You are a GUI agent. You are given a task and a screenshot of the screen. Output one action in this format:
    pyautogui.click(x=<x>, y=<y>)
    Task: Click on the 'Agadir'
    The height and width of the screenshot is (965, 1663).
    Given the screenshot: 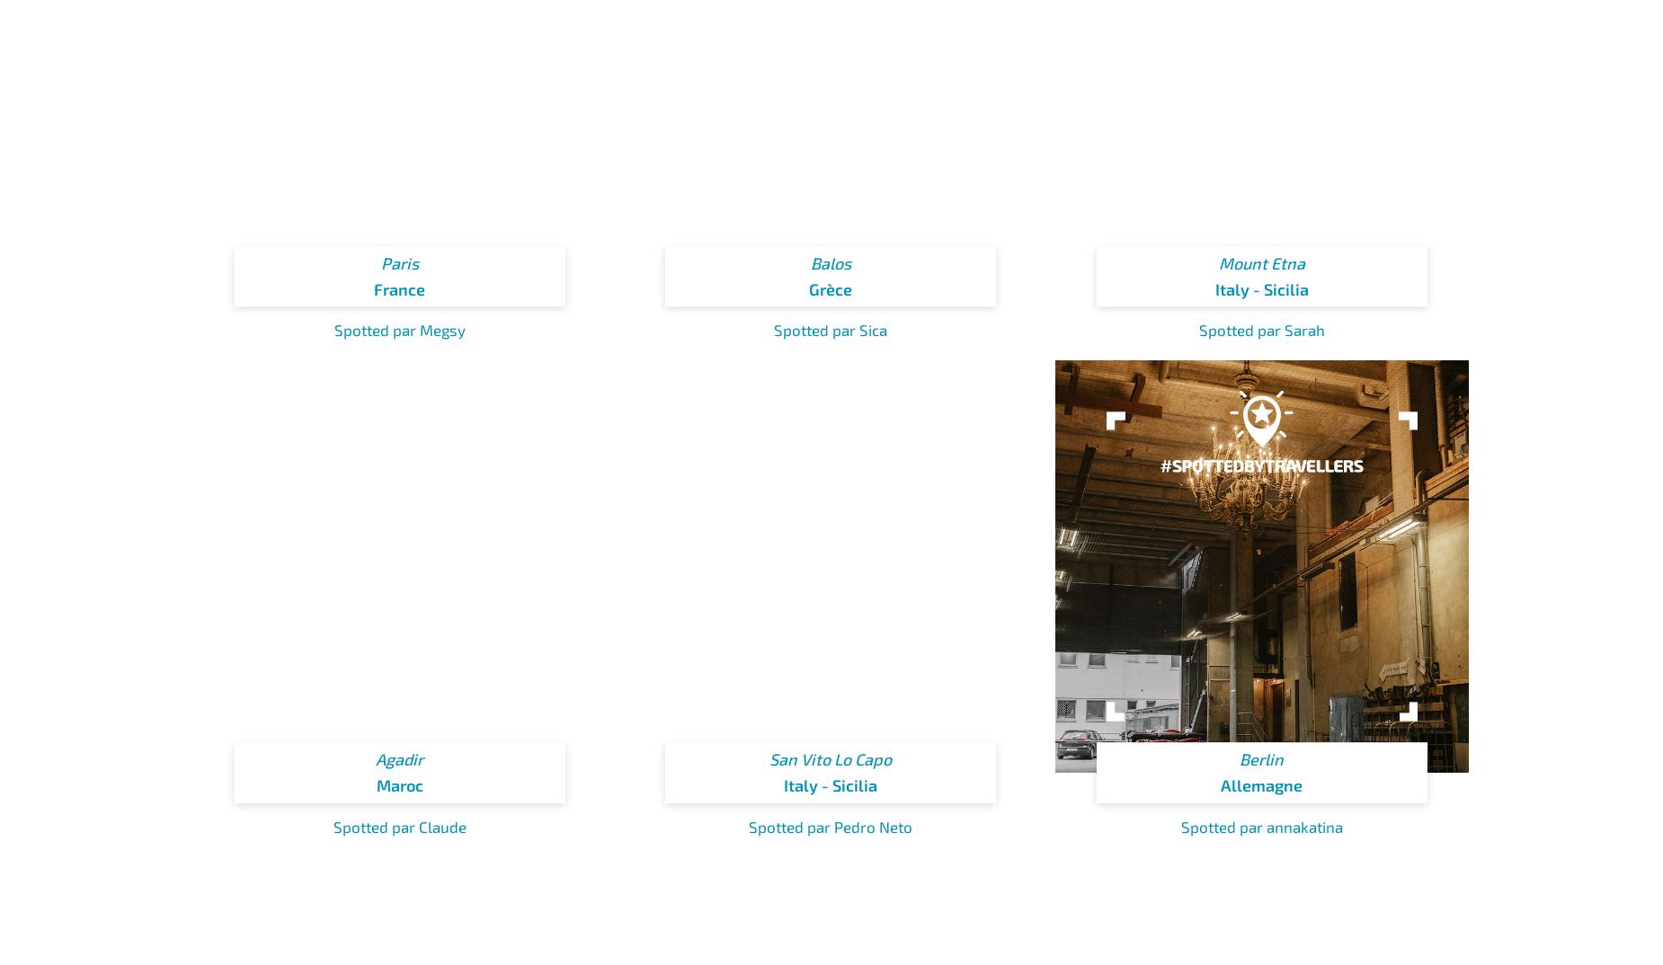 What is the action you would take?
    pyautogui.click(x=398, y=759)
    